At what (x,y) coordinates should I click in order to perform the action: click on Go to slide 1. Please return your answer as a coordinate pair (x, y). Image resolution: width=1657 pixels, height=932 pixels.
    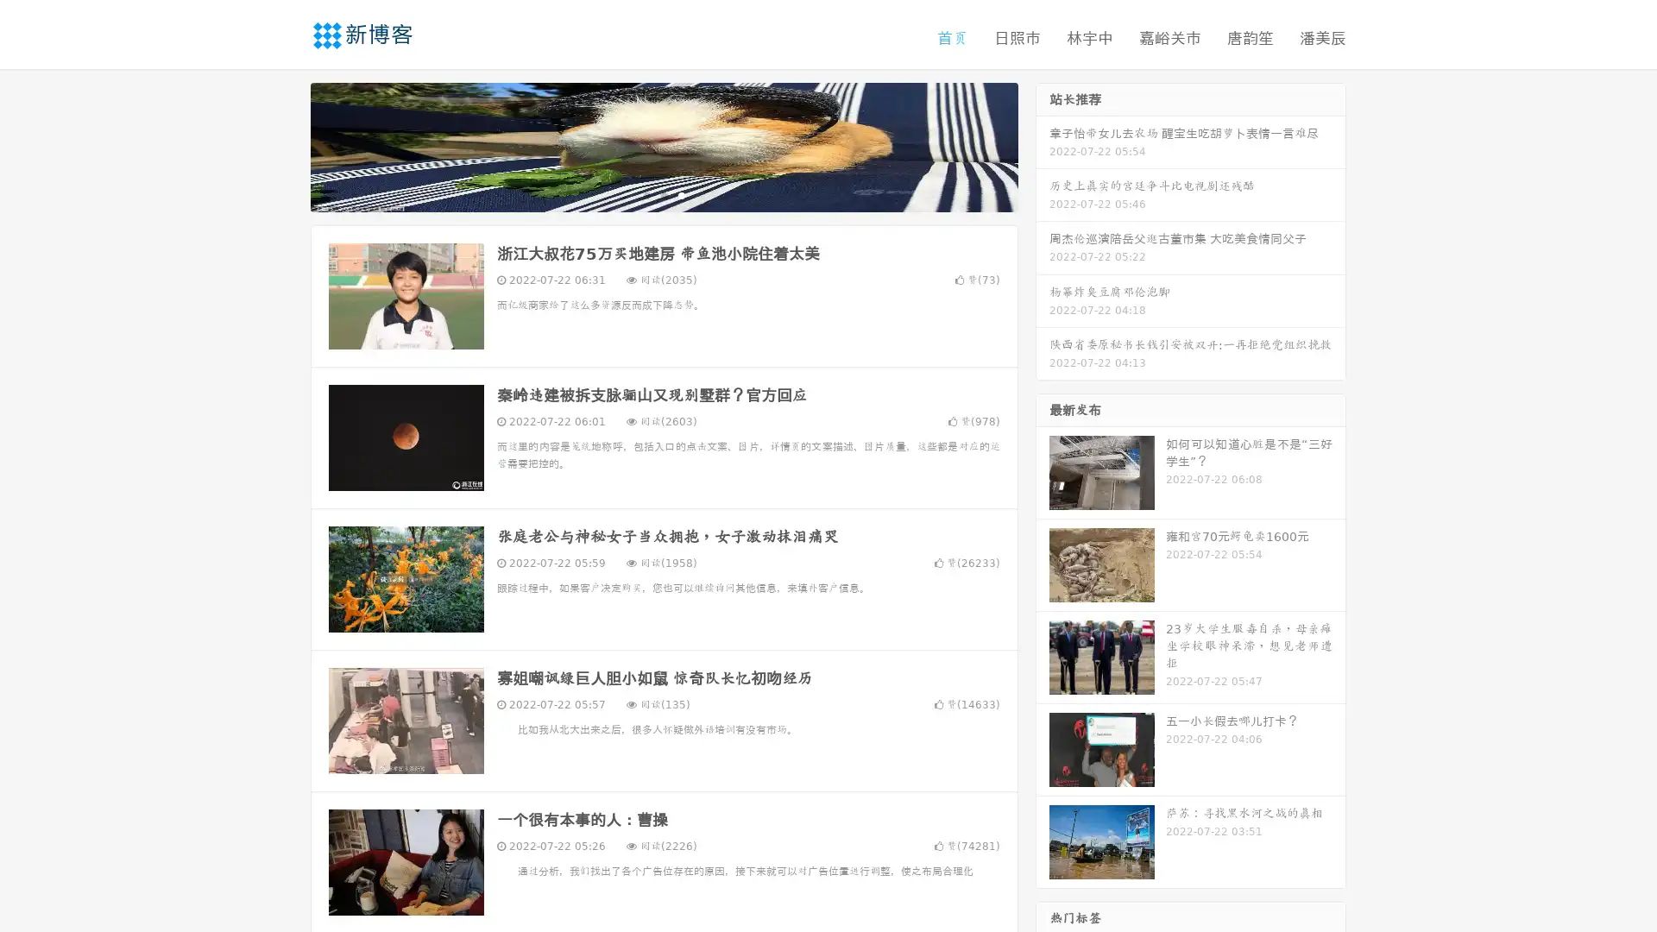
    Looking at the image, I should click on (646, 194).